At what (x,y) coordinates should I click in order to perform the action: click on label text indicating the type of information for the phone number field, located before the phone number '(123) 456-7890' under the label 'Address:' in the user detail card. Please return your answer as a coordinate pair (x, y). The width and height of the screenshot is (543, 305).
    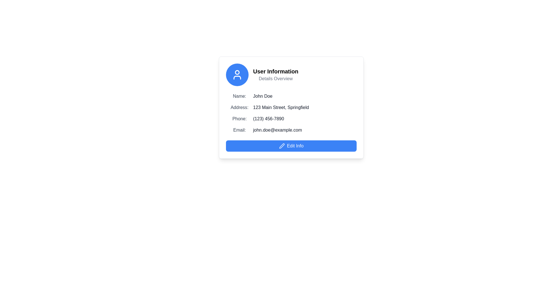
    Looking at the image, I should click on (239, 118).